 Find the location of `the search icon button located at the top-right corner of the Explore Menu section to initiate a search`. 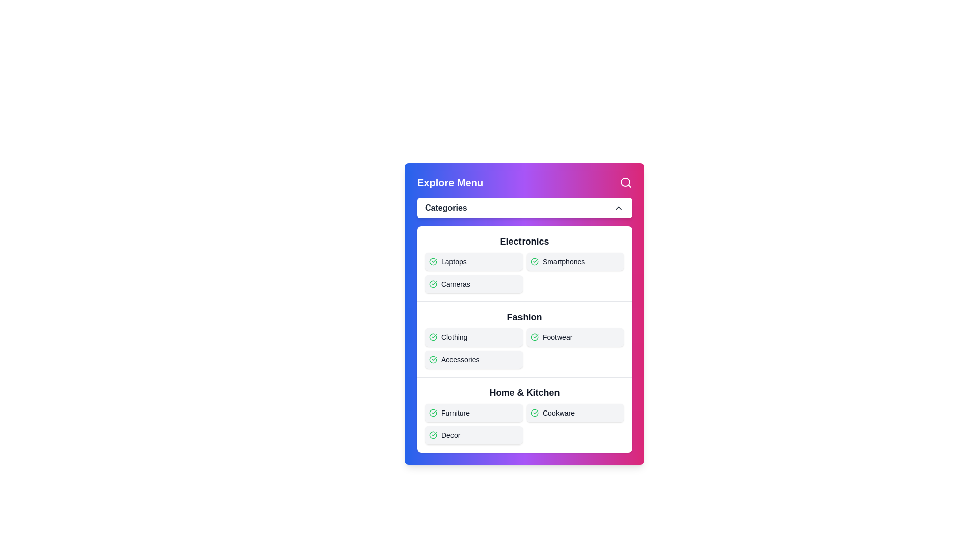

the search icon button located at the top-right corner of the Explore Menu section to initiate a search is located at coordinates (625, 182).